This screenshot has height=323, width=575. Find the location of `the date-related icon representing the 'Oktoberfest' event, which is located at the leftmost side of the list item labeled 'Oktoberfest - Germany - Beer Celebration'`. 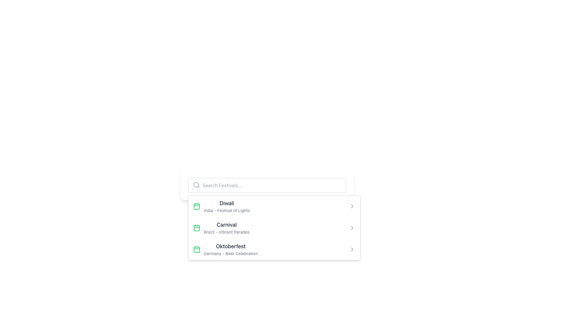

the date-related icon representing the 'Oktoberfest' event, which is located at the leftmost side of the list item labeled 'Oktoberfest - Germany - Beer Celebration' is located at coordinates (196, 249).